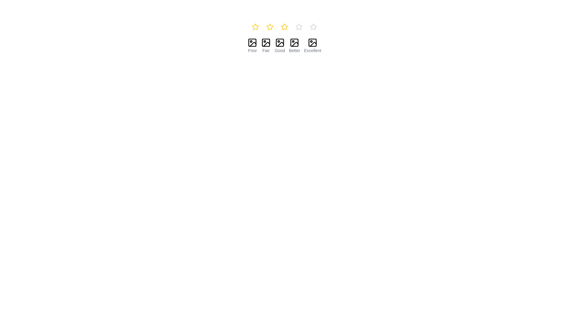 The height and width of the screenshot is (327, 581). What do you see at coordinates (279, 42) in the screenshot?
I see `the central part of the icon component that represents the 'Good' rating in the ratings interface` at bounding box center [279, 42].